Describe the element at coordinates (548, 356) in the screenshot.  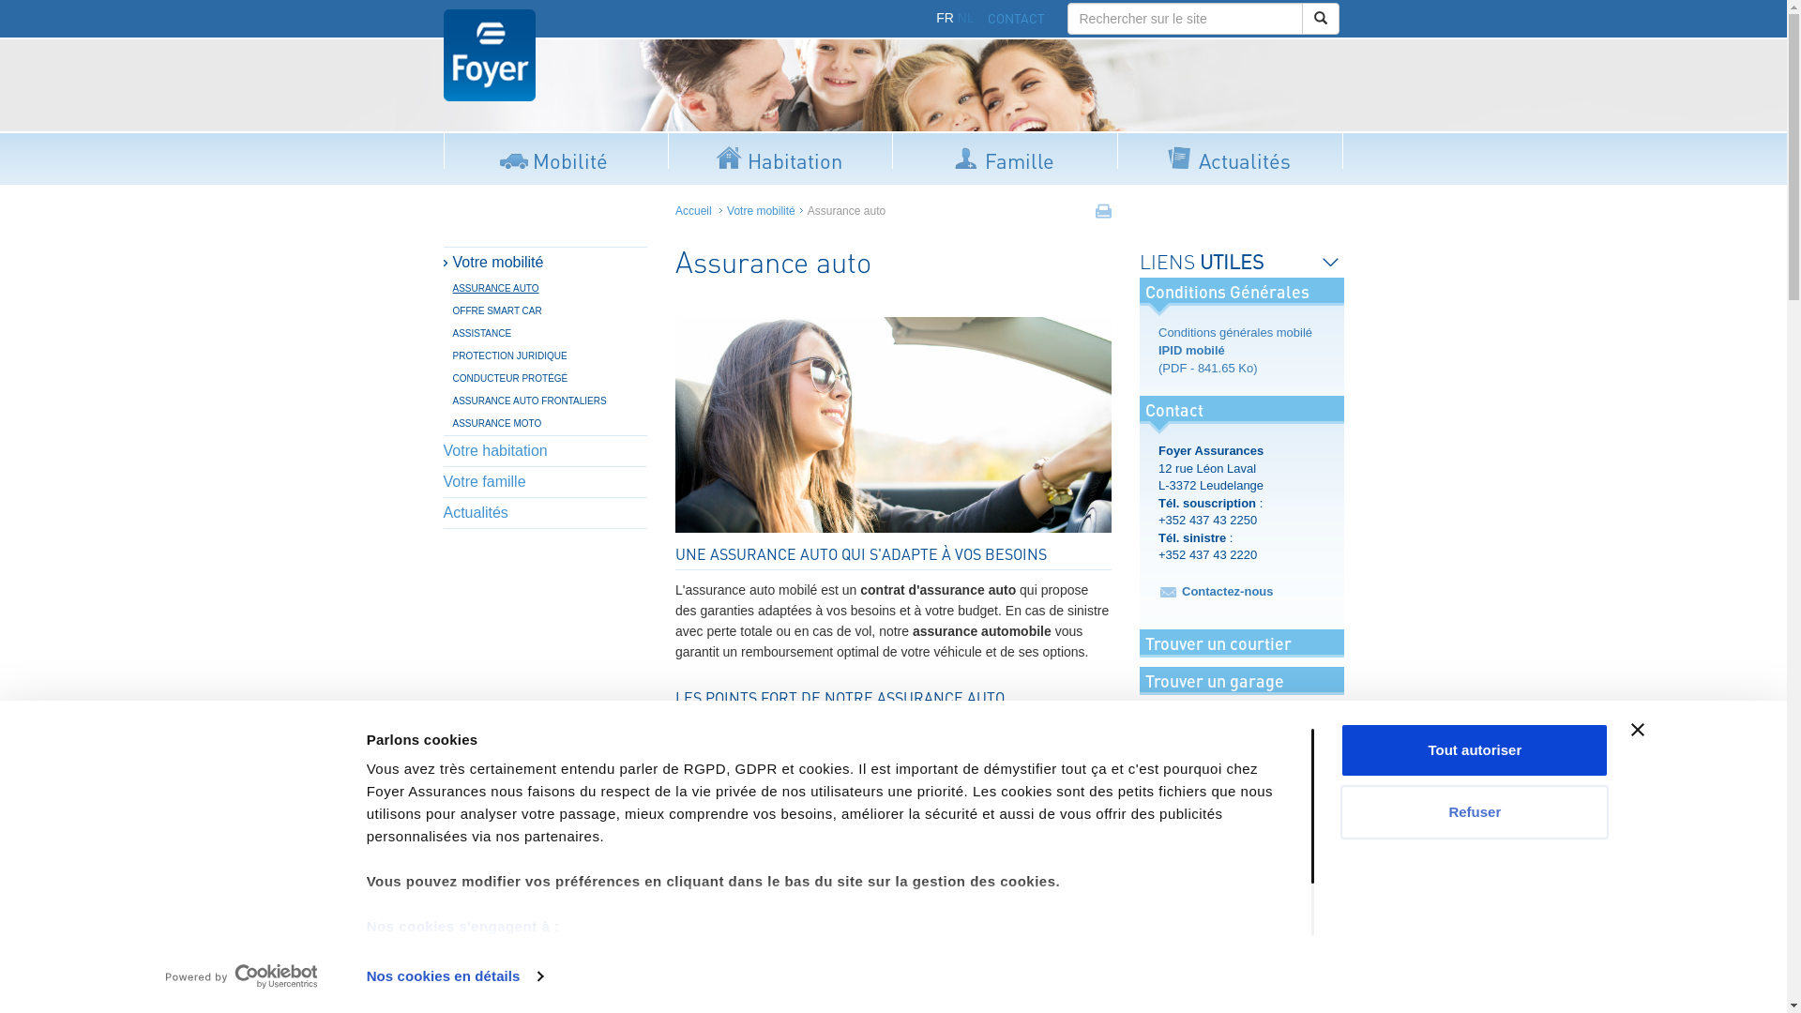
I see `'PROTECTION JURIDIQUE'` at that location.